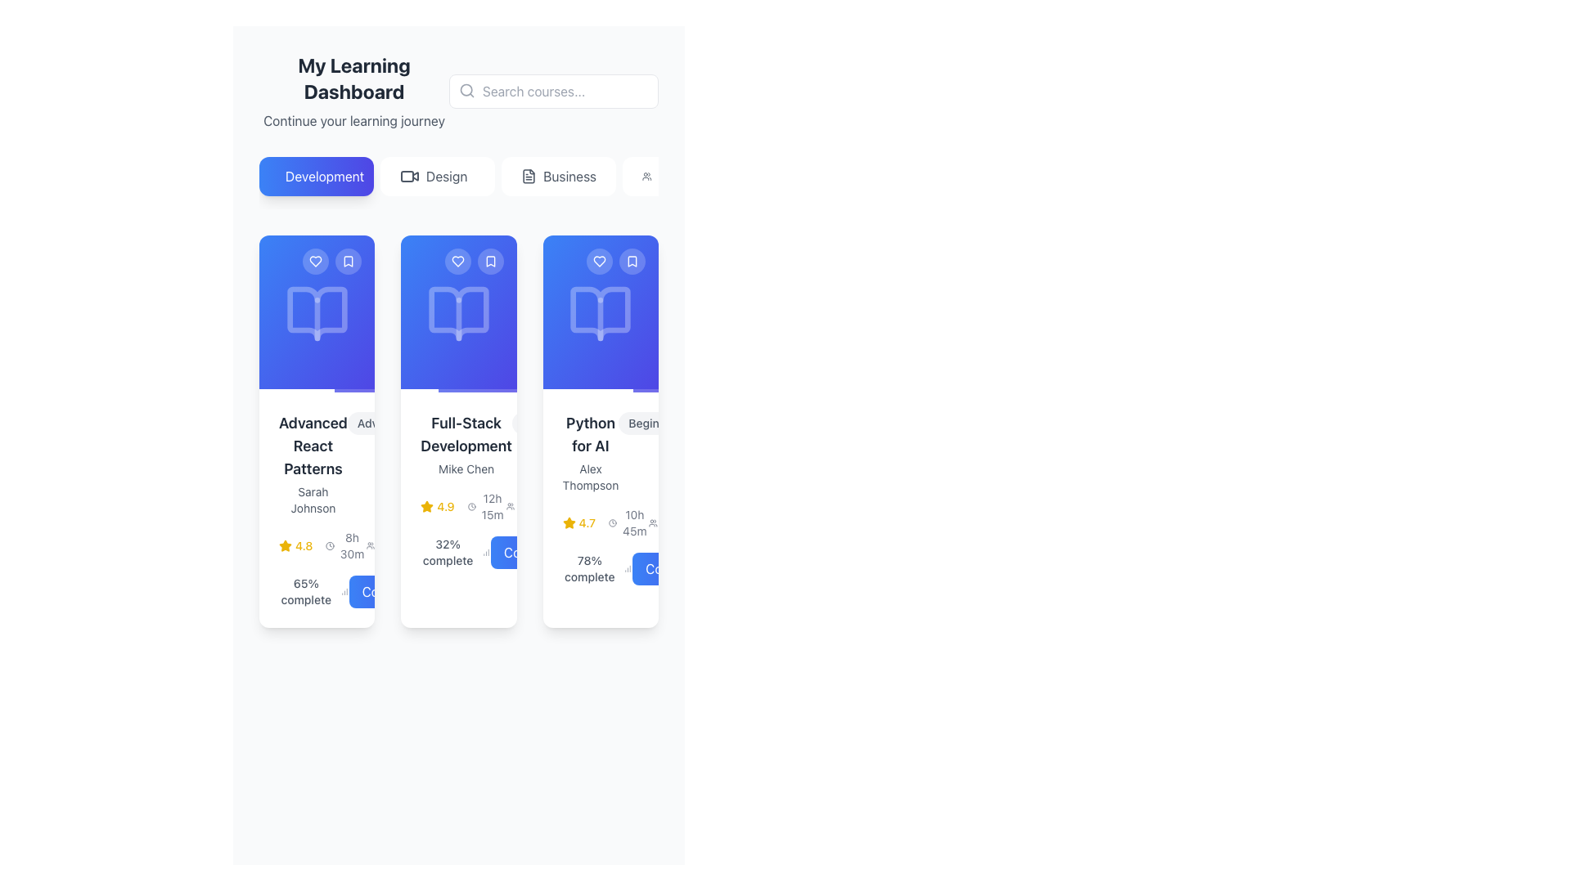 Image resolution: width=1571 pixels, height=883 pixels. I want to click on the heart-shaped icon in the blue header section of the third card to favorite the course, so click(599, 261).